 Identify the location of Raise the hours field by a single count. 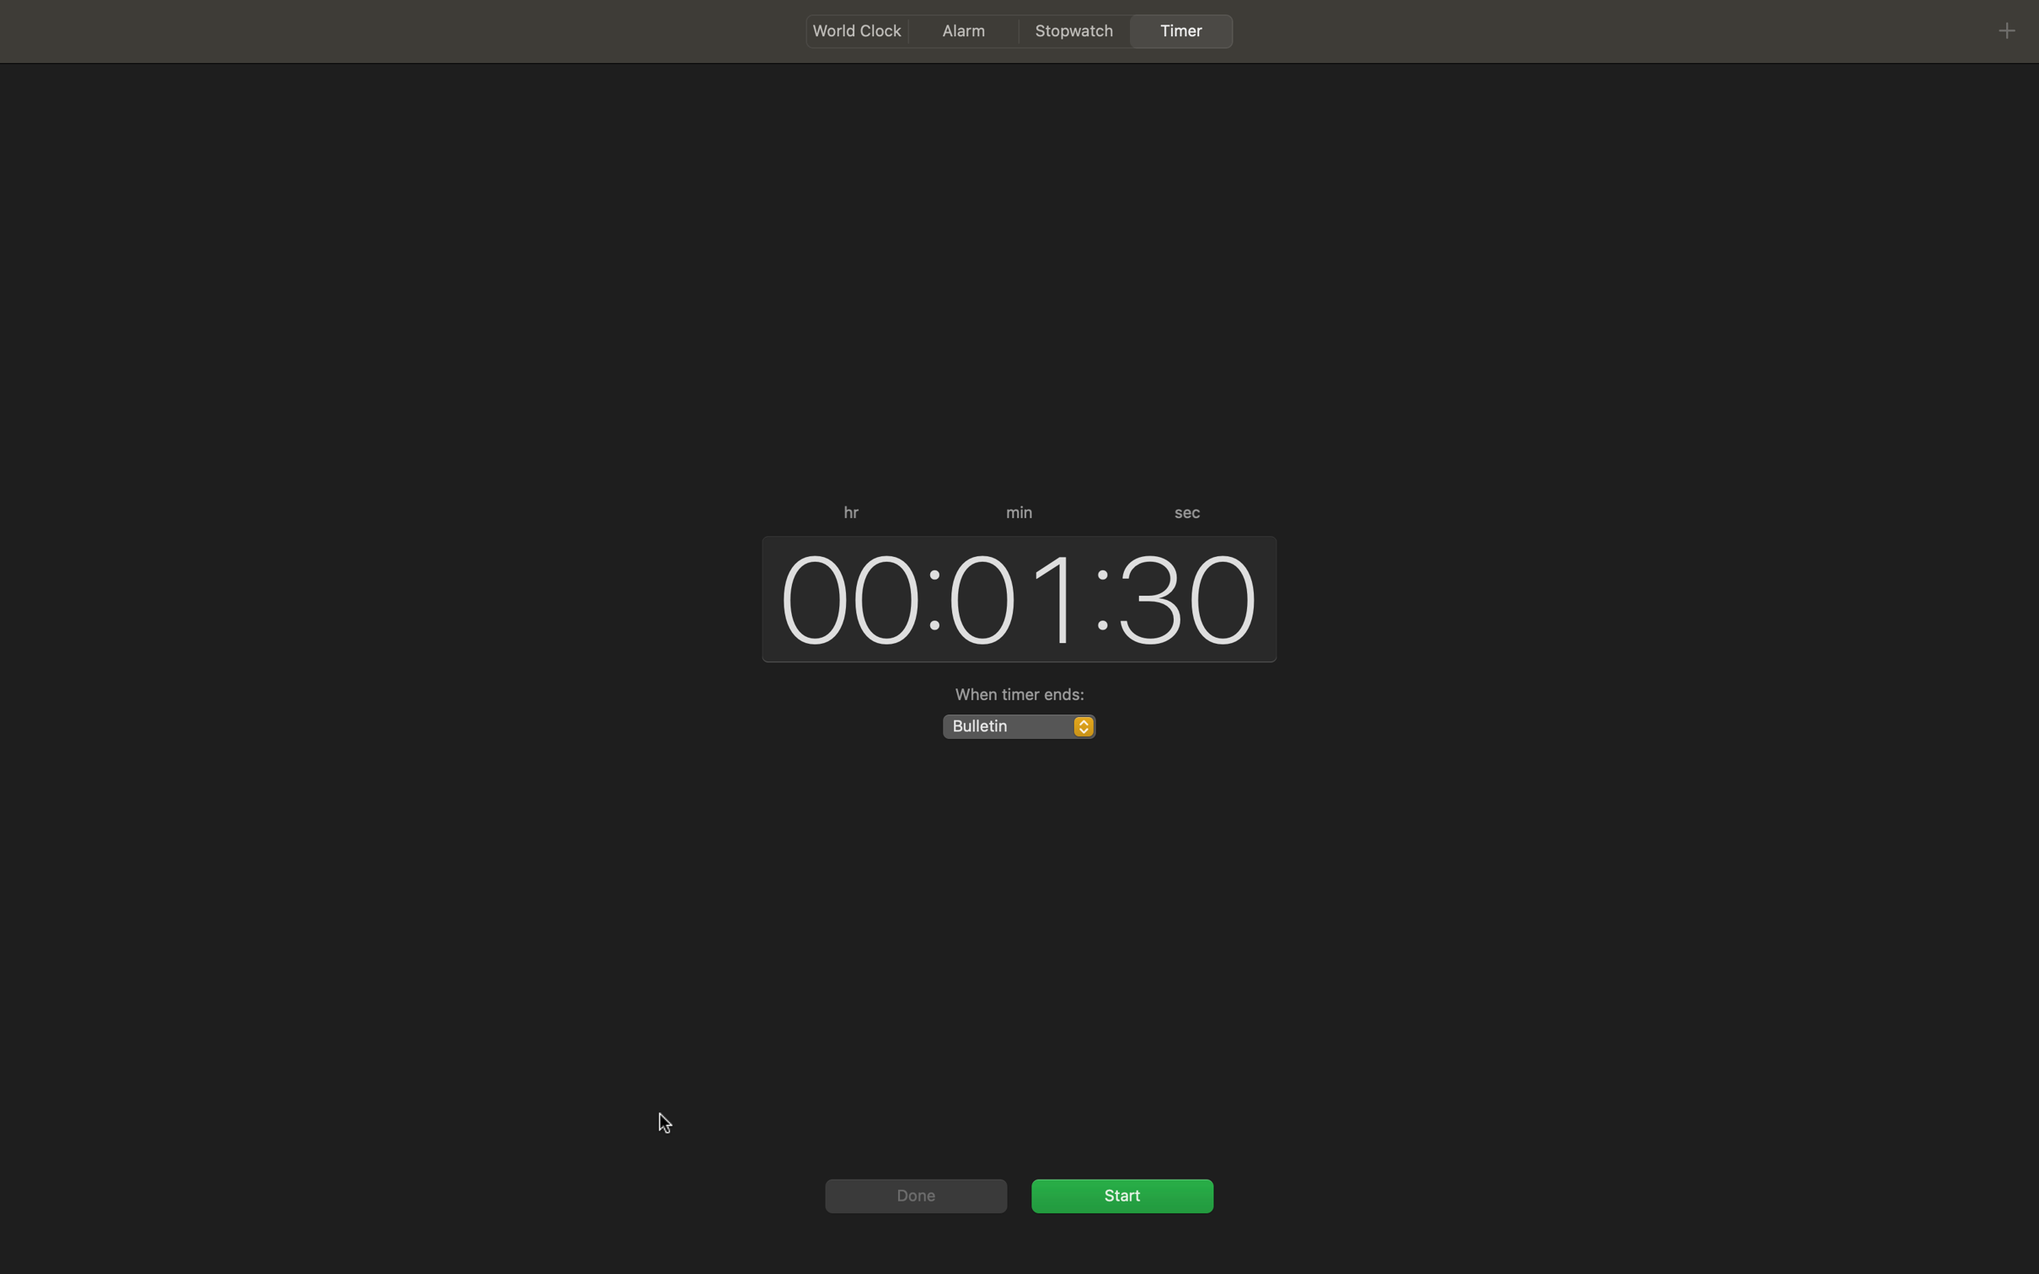
(843, 596).